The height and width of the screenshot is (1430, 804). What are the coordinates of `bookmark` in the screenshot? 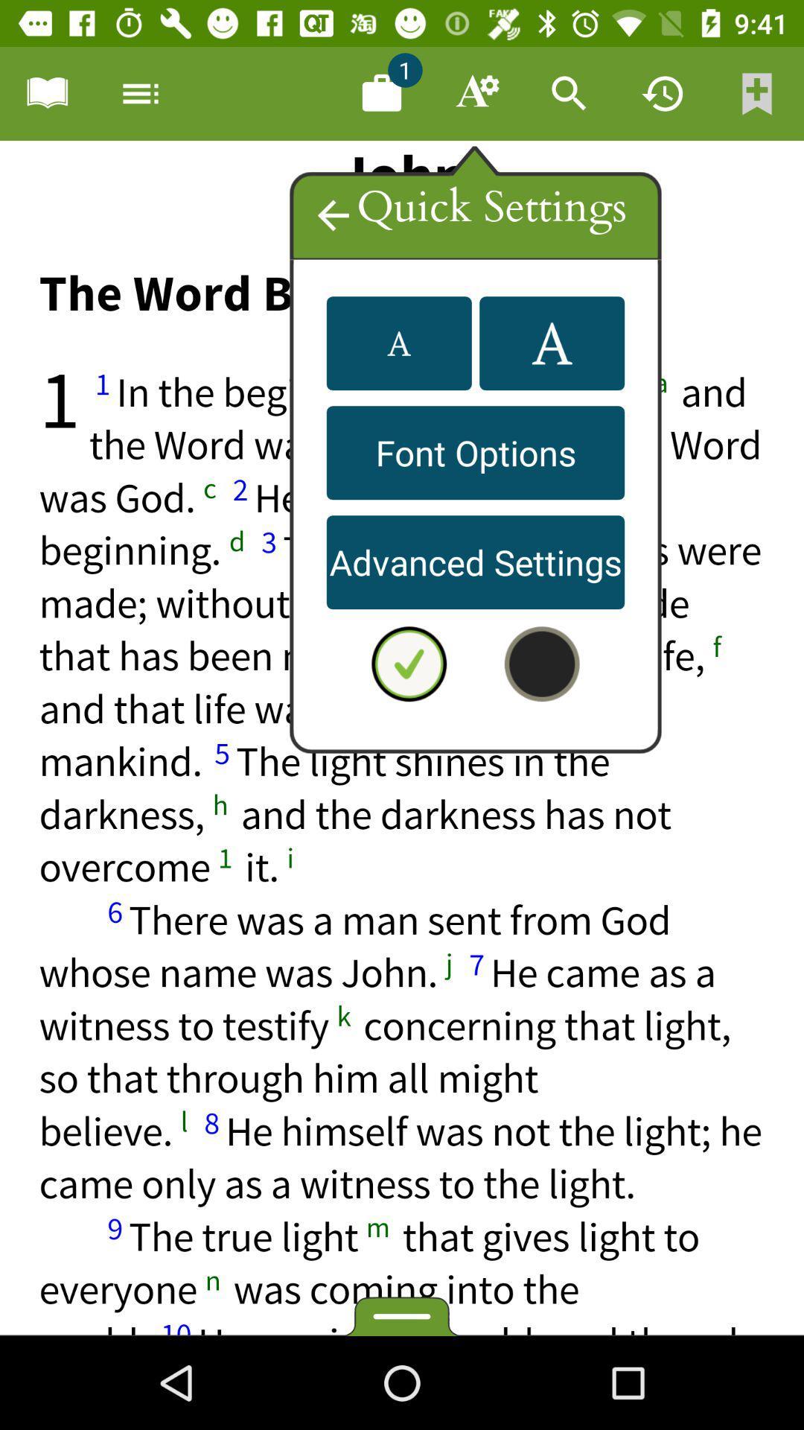 It's located at (45, 92).